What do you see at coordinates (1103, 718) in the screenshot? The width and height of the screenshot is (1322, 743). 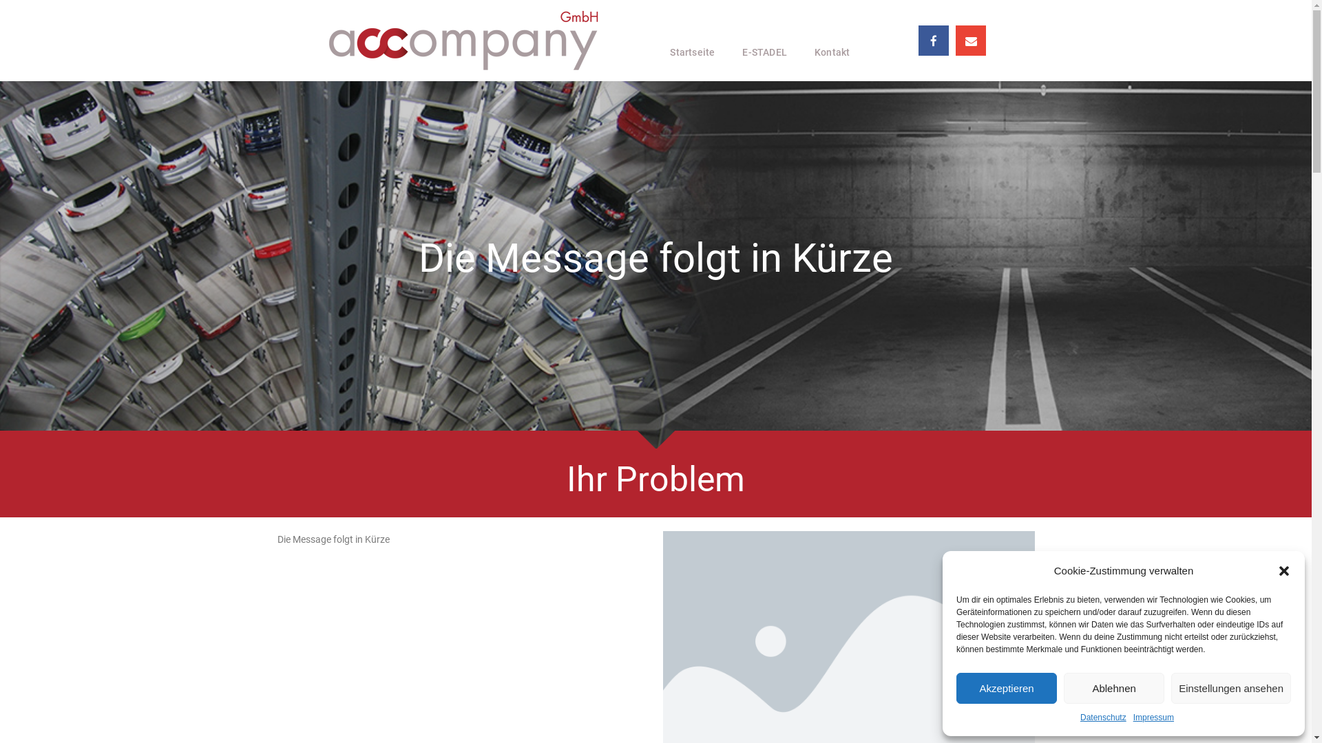 I see `'Datenschutz'` at bounding box center [1103, 718].